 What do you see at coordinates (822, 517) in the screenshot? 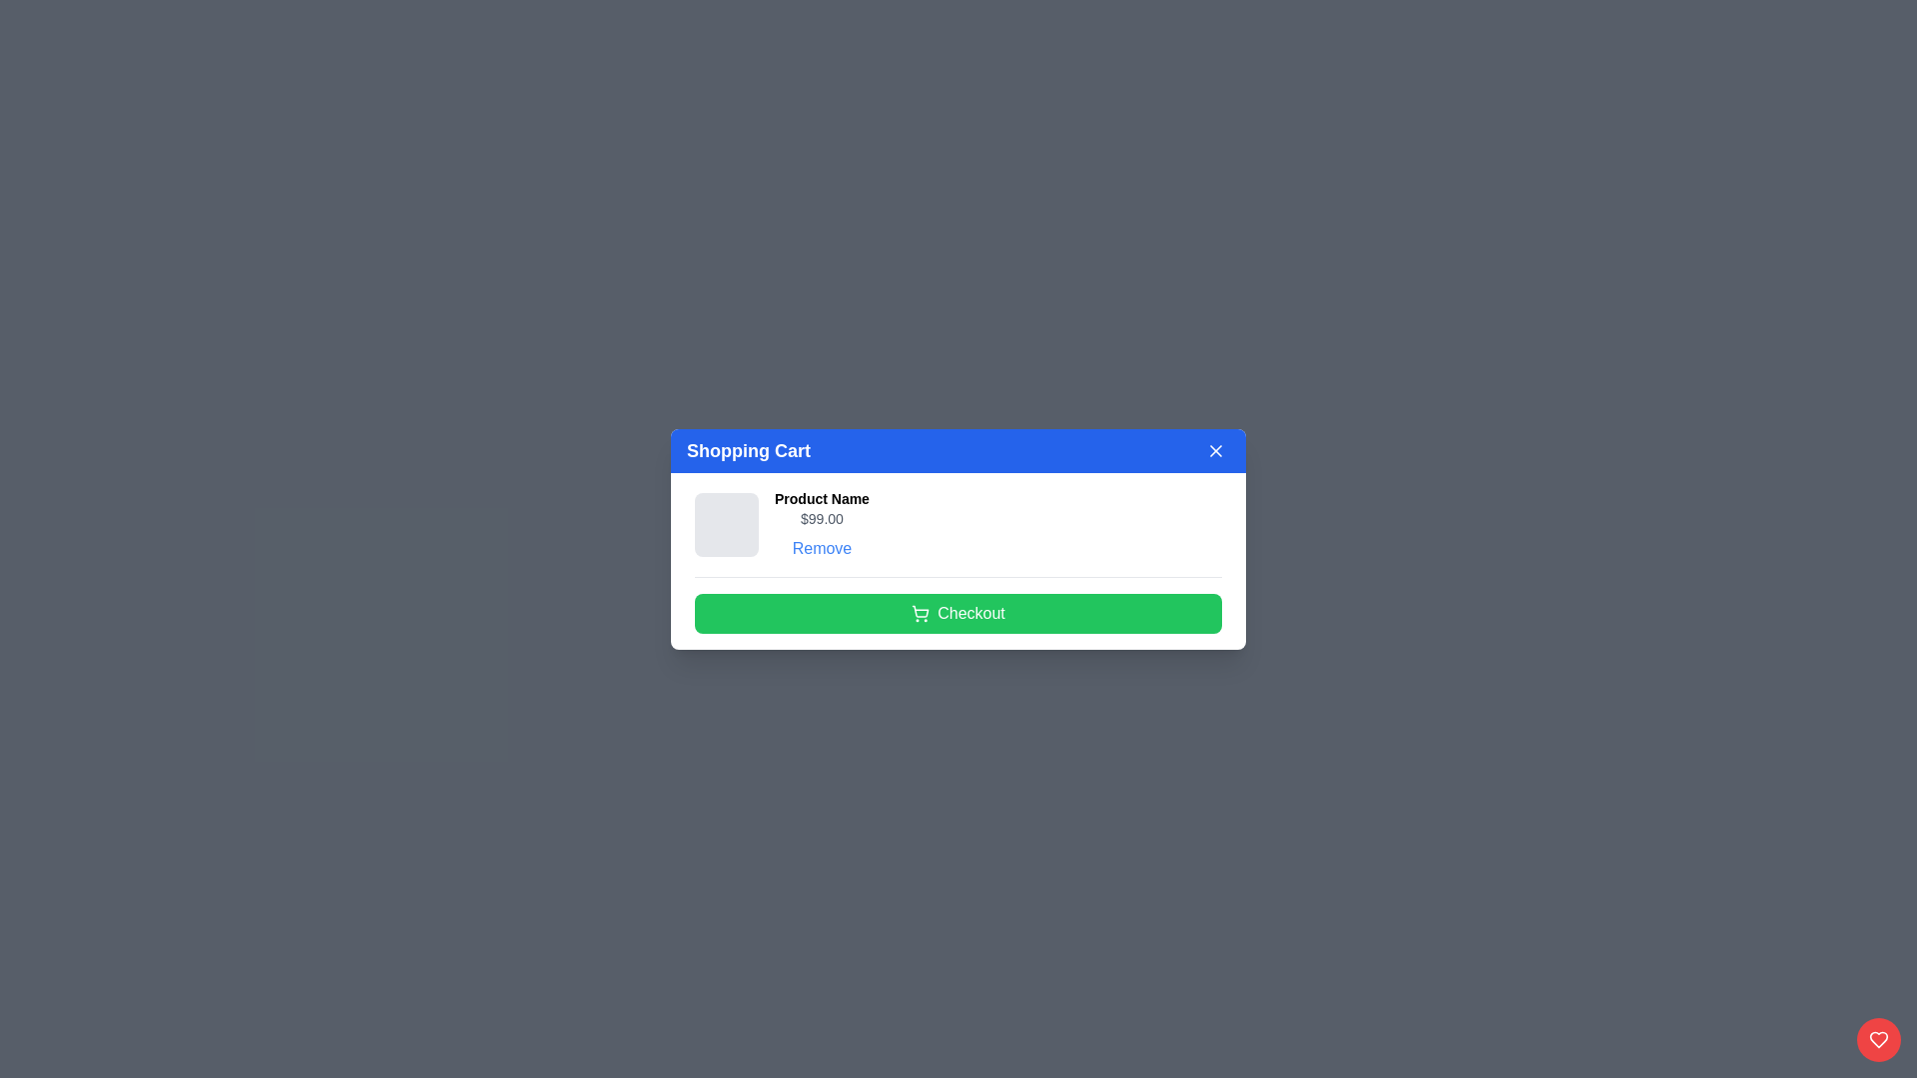
I see `the price text label in the shopping cart modal, which is positioned above the 'Remove' link and below the 'Product Name'` at bounding box center [822, 517].